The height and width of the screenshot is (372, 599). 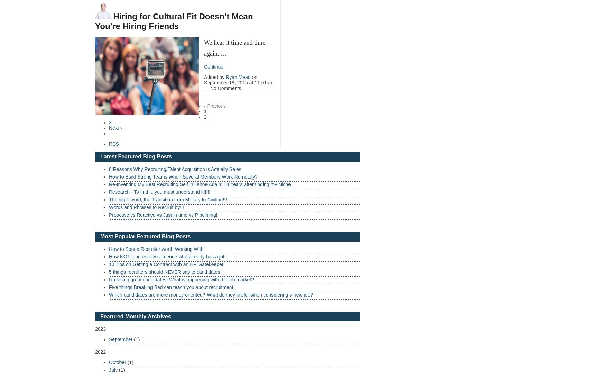 I want to click on 'October', so click(x=109, y=362).